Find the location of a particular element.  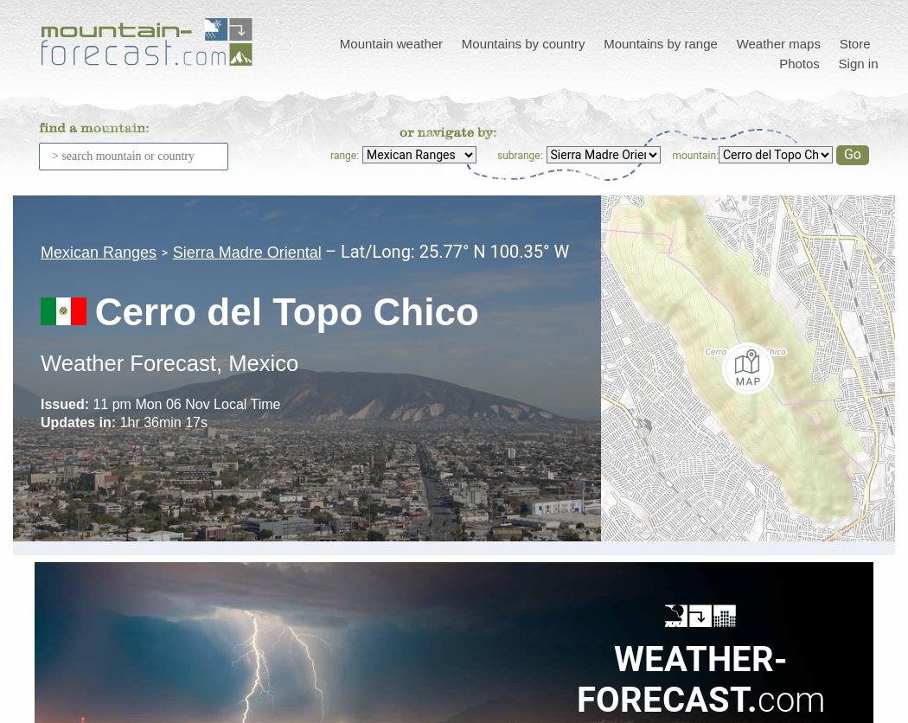

'– Lat/Long:' is located at coordinates (370, 251).